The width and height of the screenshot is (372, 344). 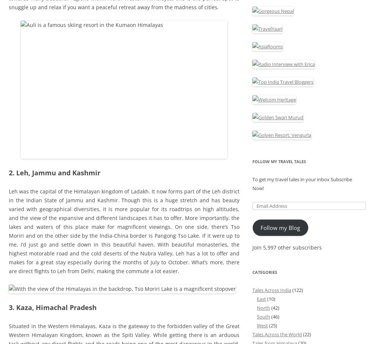 What do you see at coordinates (263, 307) in the screenshot?
I see `'North'` at bounding box center [263, 307].